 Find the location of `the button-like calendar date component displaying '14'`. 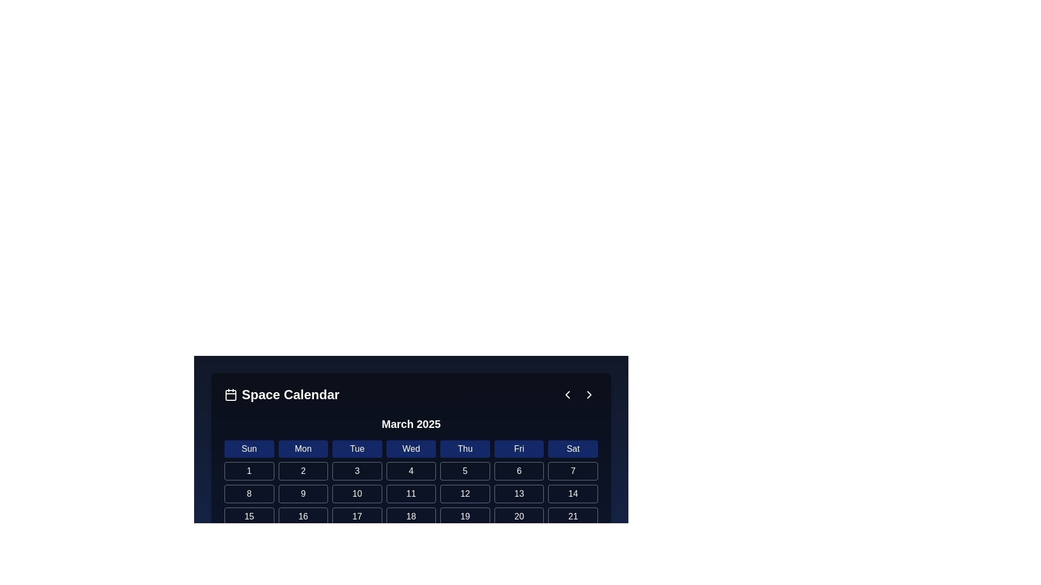

the button-like calendar date component displaying '14' is located at coordinates (573, 493).